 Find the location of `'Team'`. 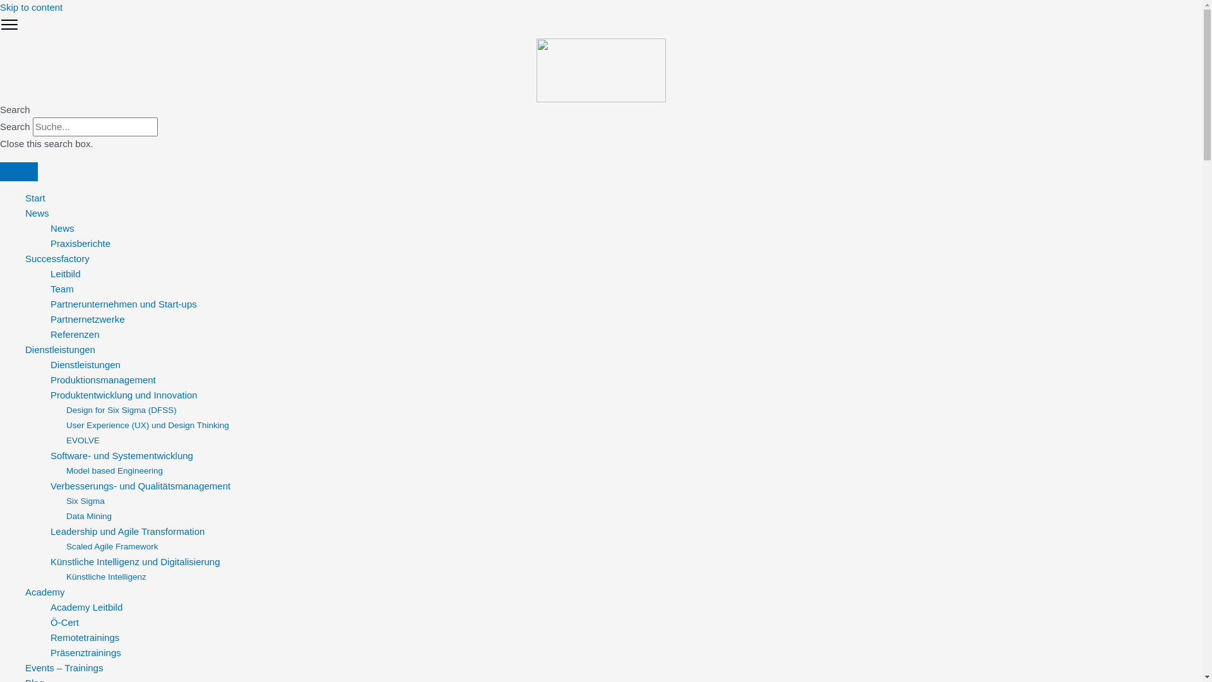

'Team' is located at coordinates (61, 289).